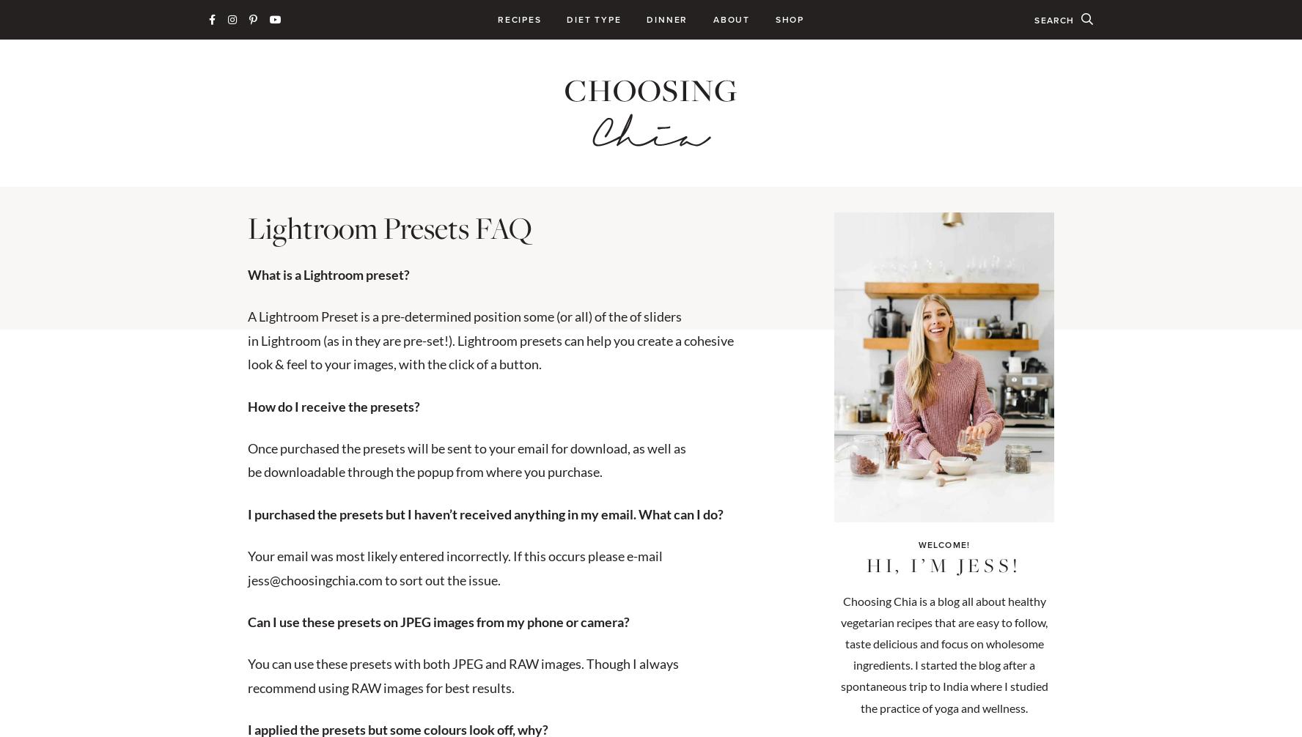 The height and width of the screenshot is (737, 1302). Describe the element at coordinates (463, 674) in the screenshot. I see `'You can use these presets with both JPEG and RAW images. Though I always recommend using RAW images for best results.'` at that location.